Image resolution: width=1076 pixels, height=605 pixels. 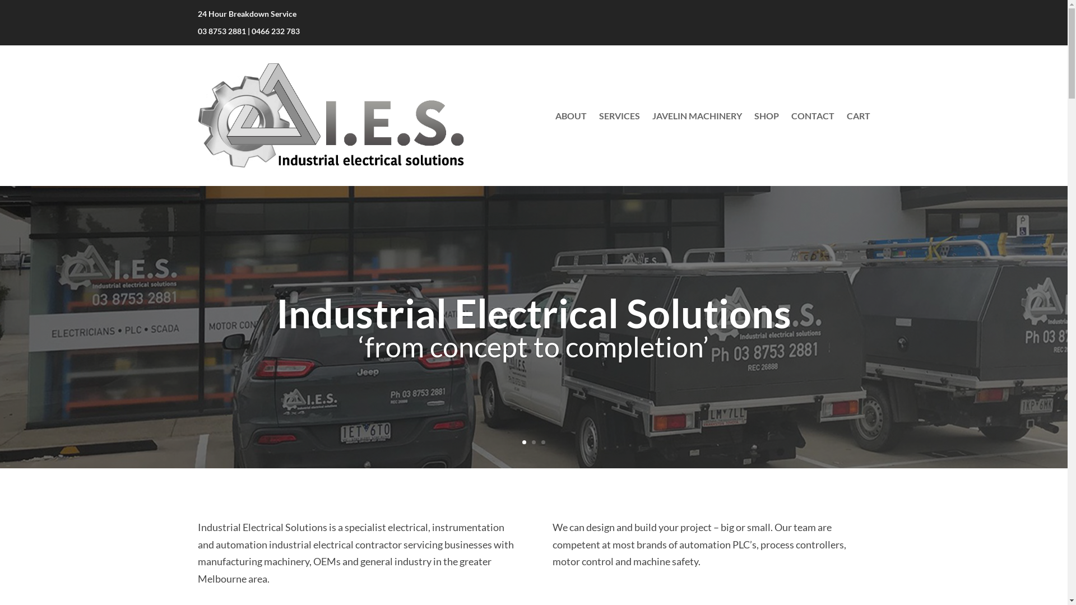 I want to click on 'CART', so click(x=857, y=115).